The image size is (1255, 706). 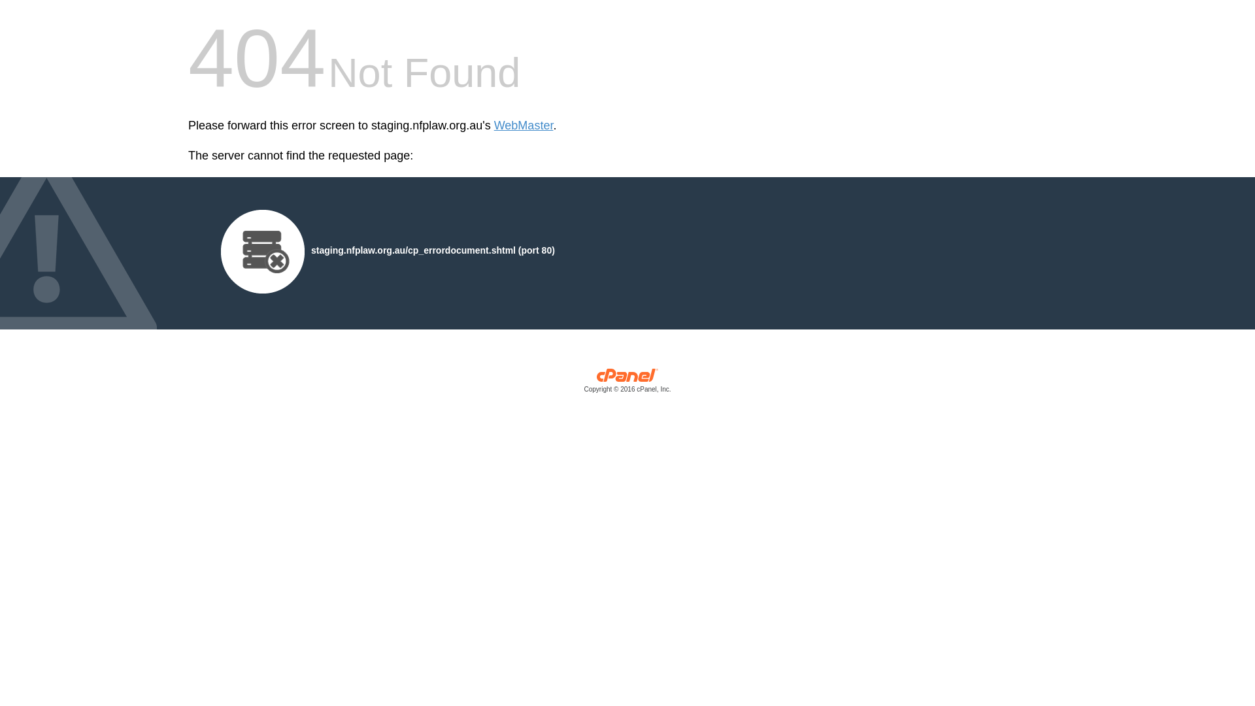 I want to click on 'WebMaster', so click(x=524, y=126).